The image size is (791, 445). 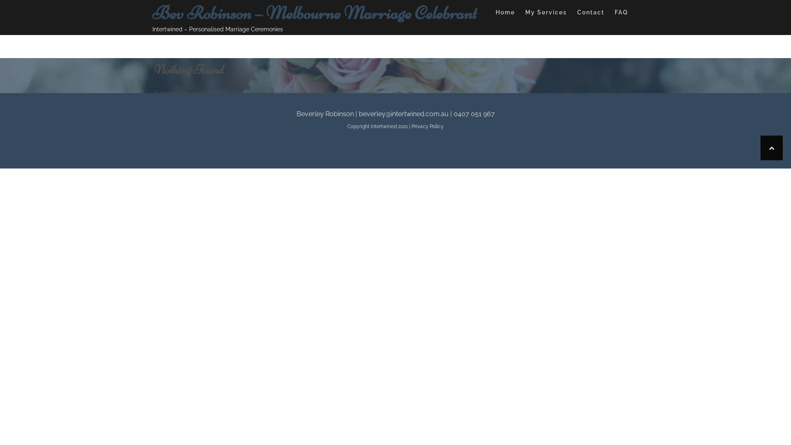 What do you see at coordinates (590, 14) in the screenshot?
I see `'Contact'` at bounding box center [590, 14].